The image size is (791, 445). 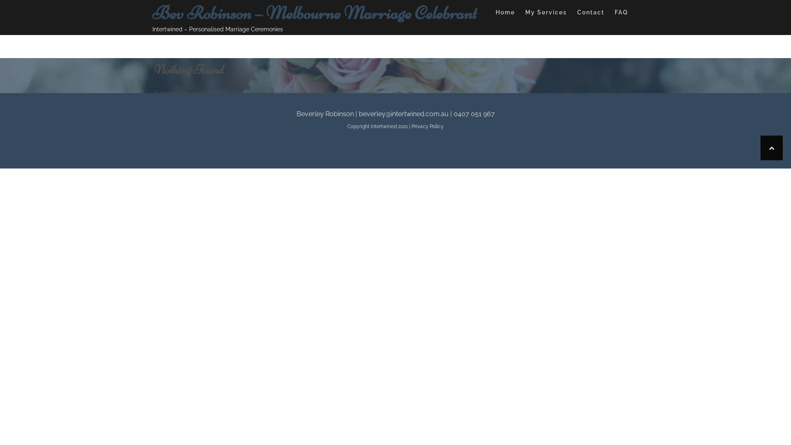 What do you see at coordinates (590, 14) in the screenshot?
I see `'Contact'` at bounding box center [590, 14].